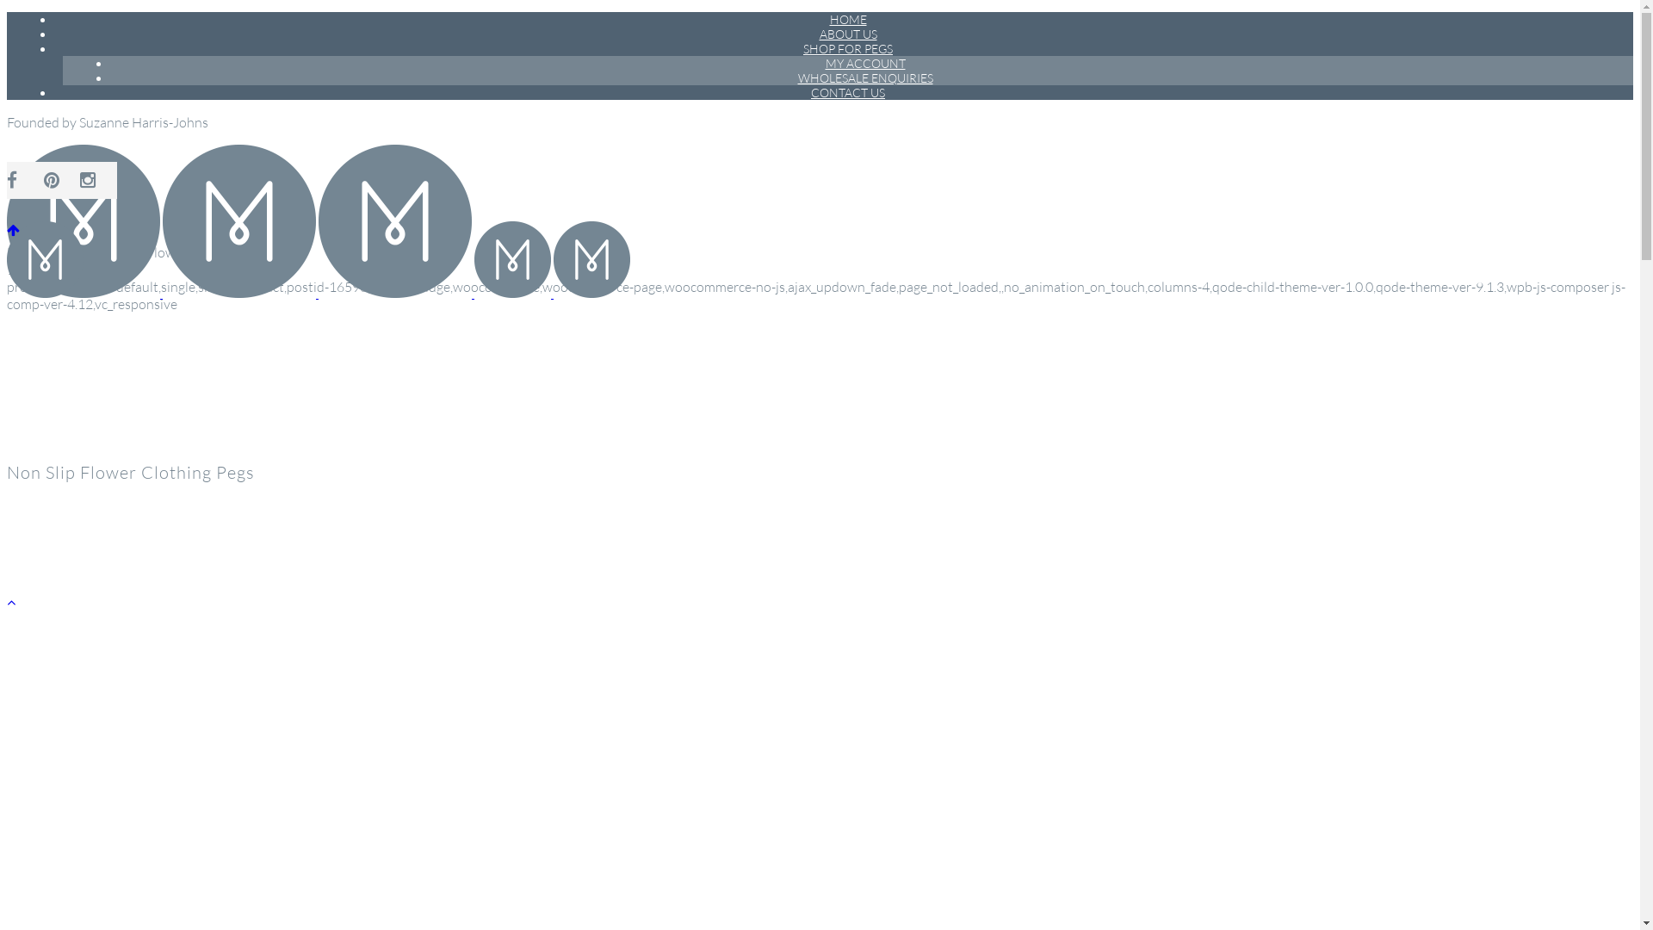 The width and height of the screenshot is (1653, 930). What do you see at coordinates (784, 77) in the screenshot?
I see `'WHOLESALE ENQUIRIES'` at bounding box center [784, 77].